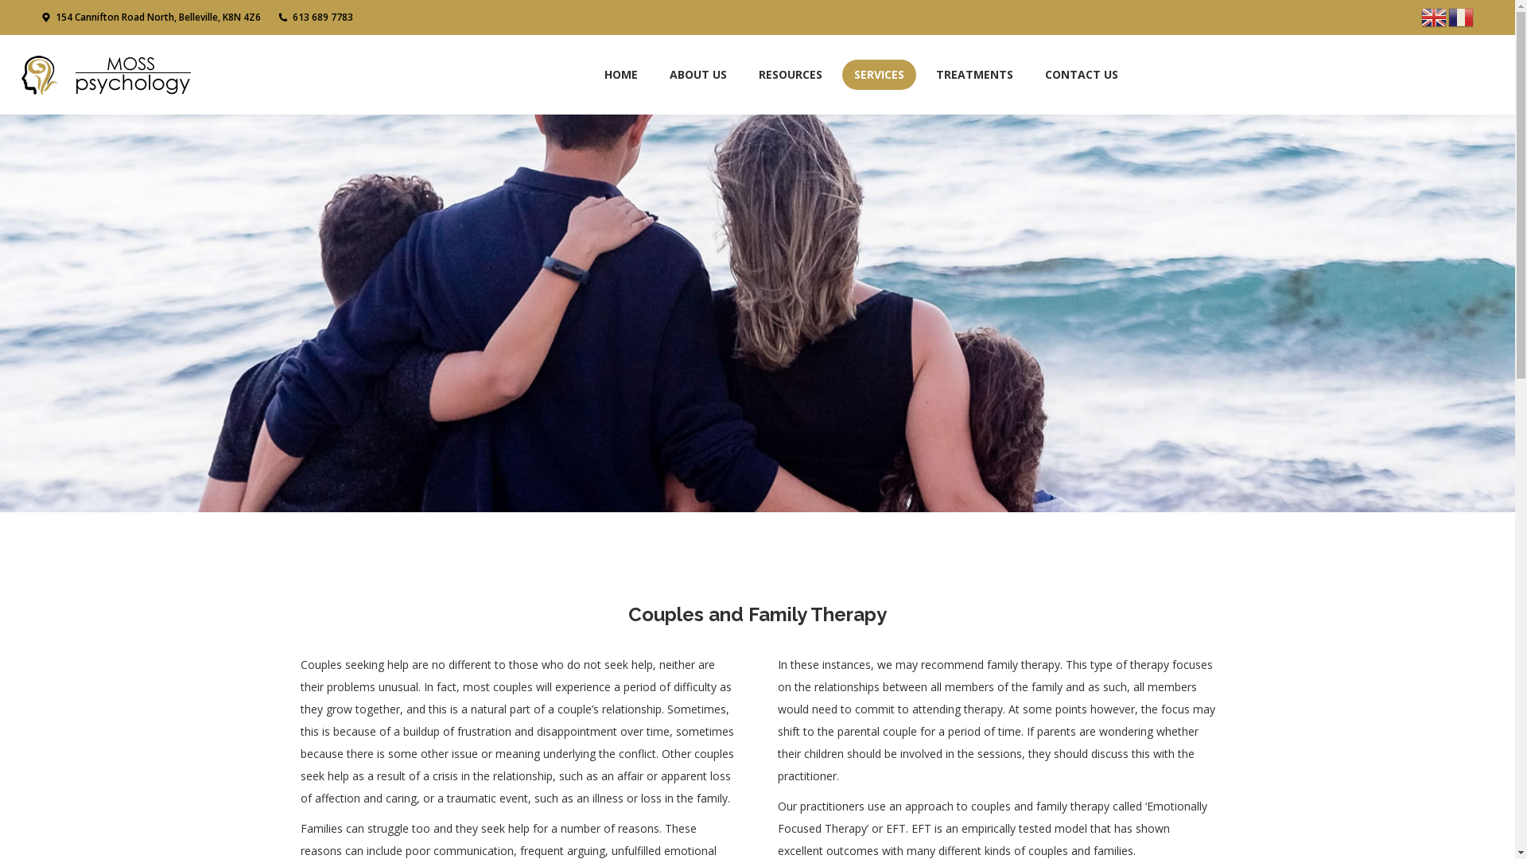 Image resolution: width=1527 pixels, height=859 pixels. What do you see at coordinates (1080, 74) in the screenshot?
I see `'CONTACT US'` at bounding box center [1080, 74].